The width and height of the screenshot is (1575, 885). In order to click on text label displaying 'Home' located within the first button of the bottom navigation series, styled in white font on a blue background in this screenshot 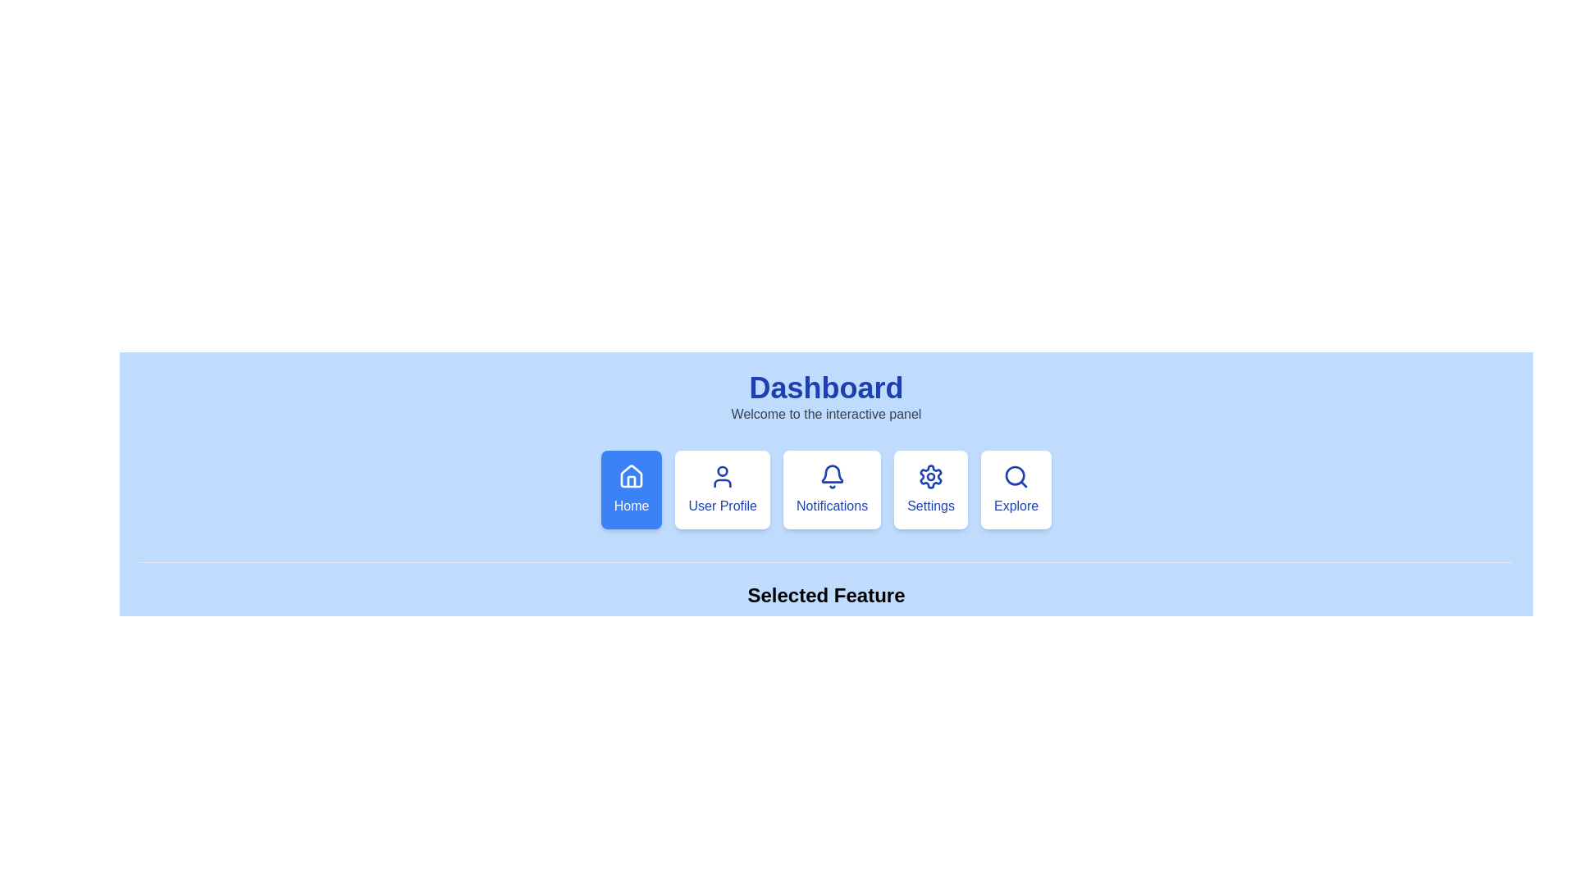, I will do `click(631, 505)`.